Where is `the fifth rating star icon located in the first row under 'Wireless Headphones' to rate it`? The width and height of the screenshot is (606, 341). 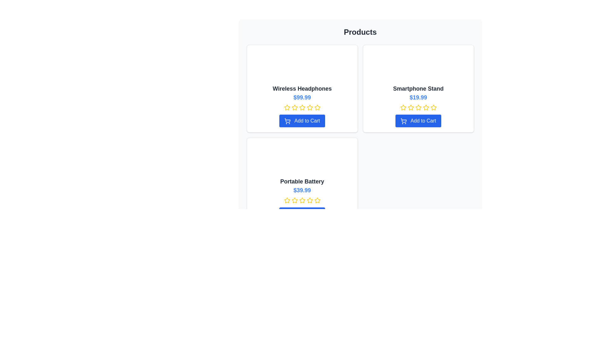 the fifth rating star icon located in the first row under 'Wireless Headphones' to rate it is located at coordinates (317, 107).